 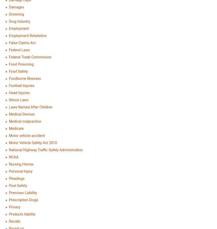 What do you see at coordinates (17, 178) in the screenshot?
I see `'Pleadings'` at bounding box center [17, 178].